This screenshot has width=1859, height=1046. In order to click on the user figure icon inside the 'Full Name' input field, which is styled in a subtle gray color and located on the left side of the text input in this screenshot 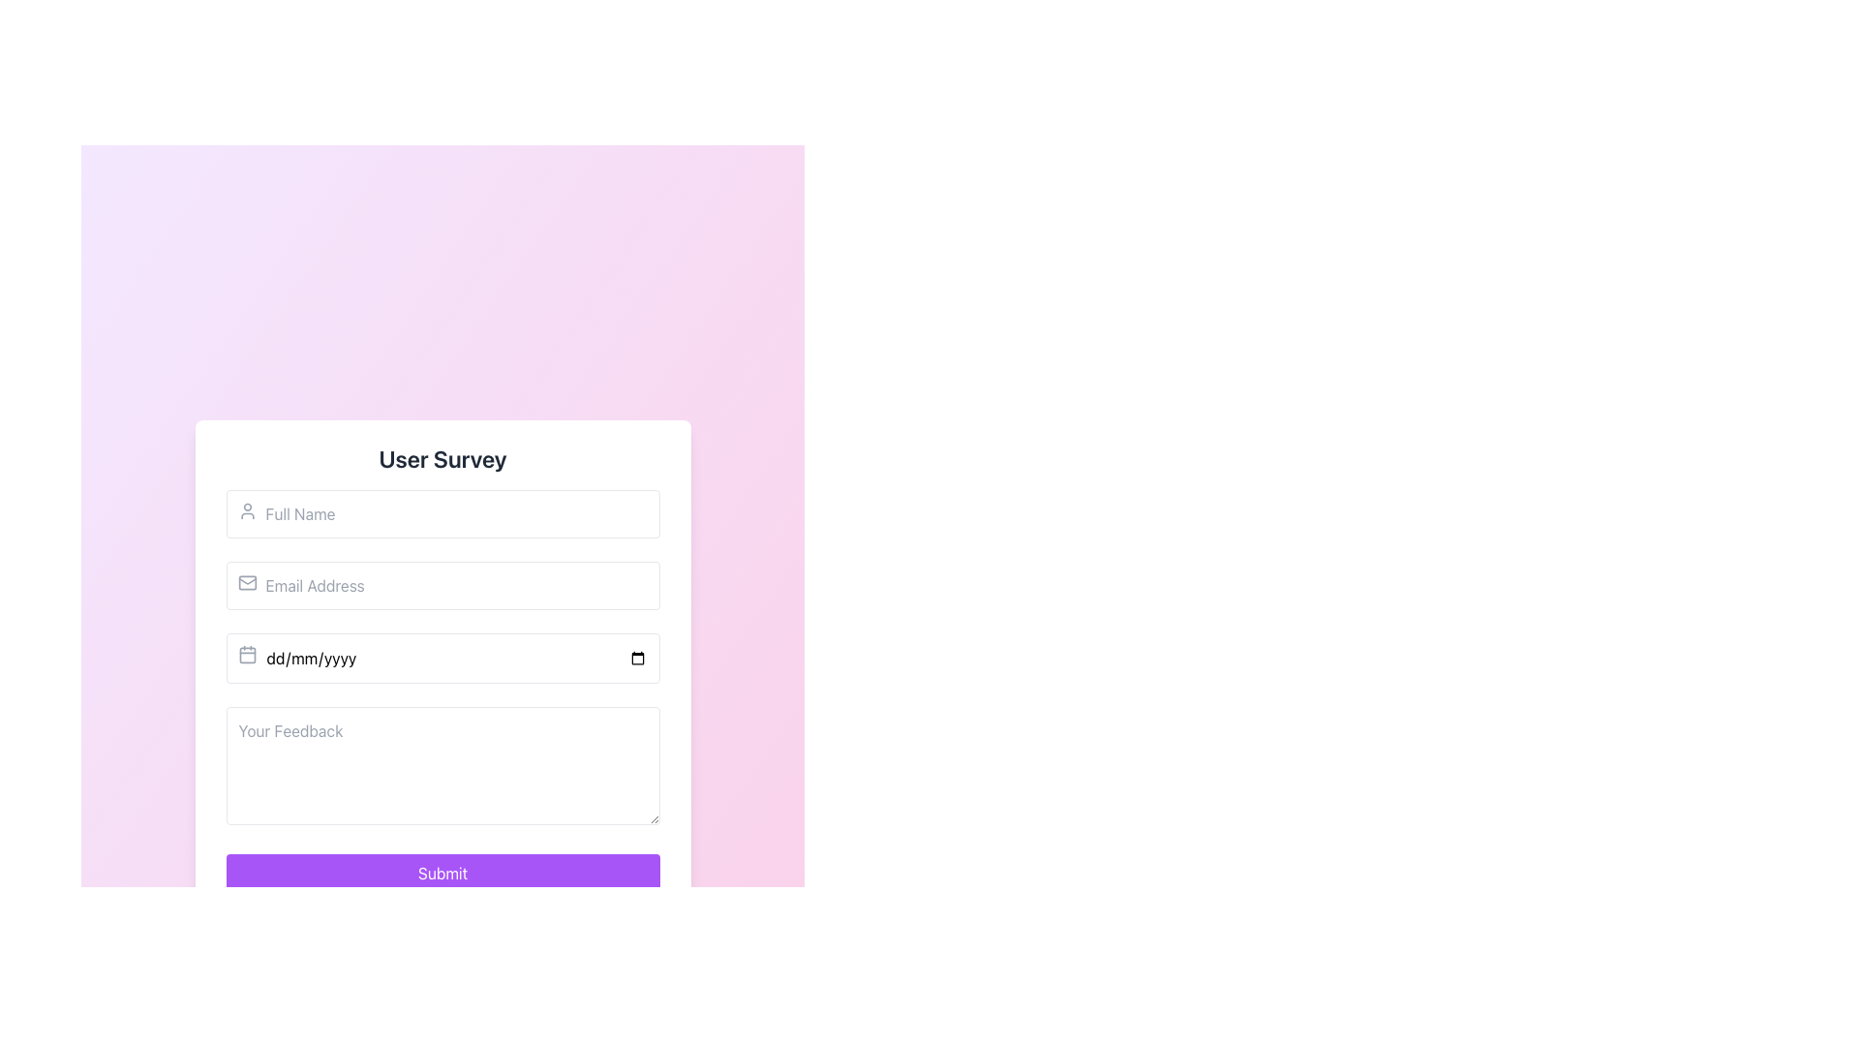, I will do `click(246, 510)`.